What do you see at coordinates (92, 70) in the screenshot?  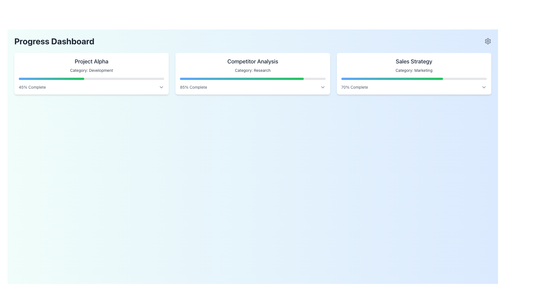 I see `the static text label that informs users about the 'Development' category, positioned beneath the header 'Project Alpha' and above a horizontal progress bar` at bounding box center [92, 70].